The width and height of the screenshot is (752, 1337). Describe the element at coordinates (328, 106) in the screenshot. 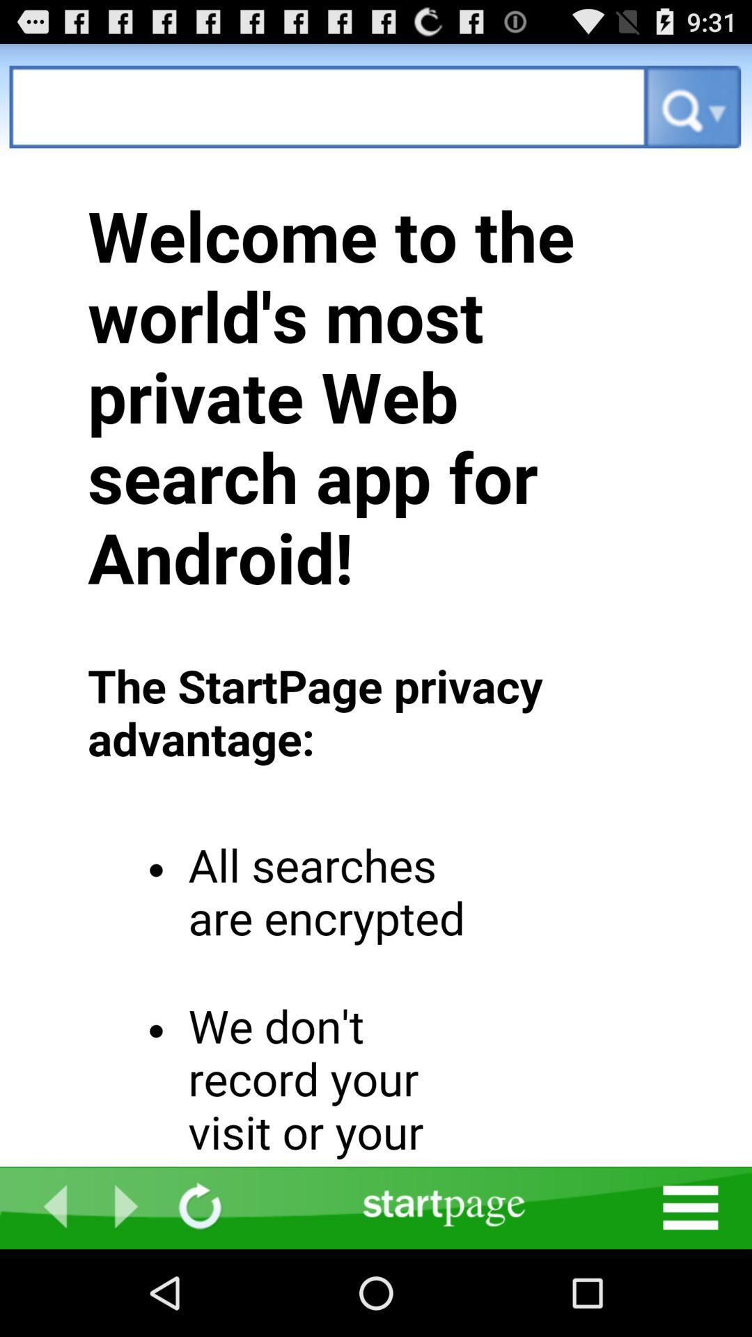

I see `search page` at that location.